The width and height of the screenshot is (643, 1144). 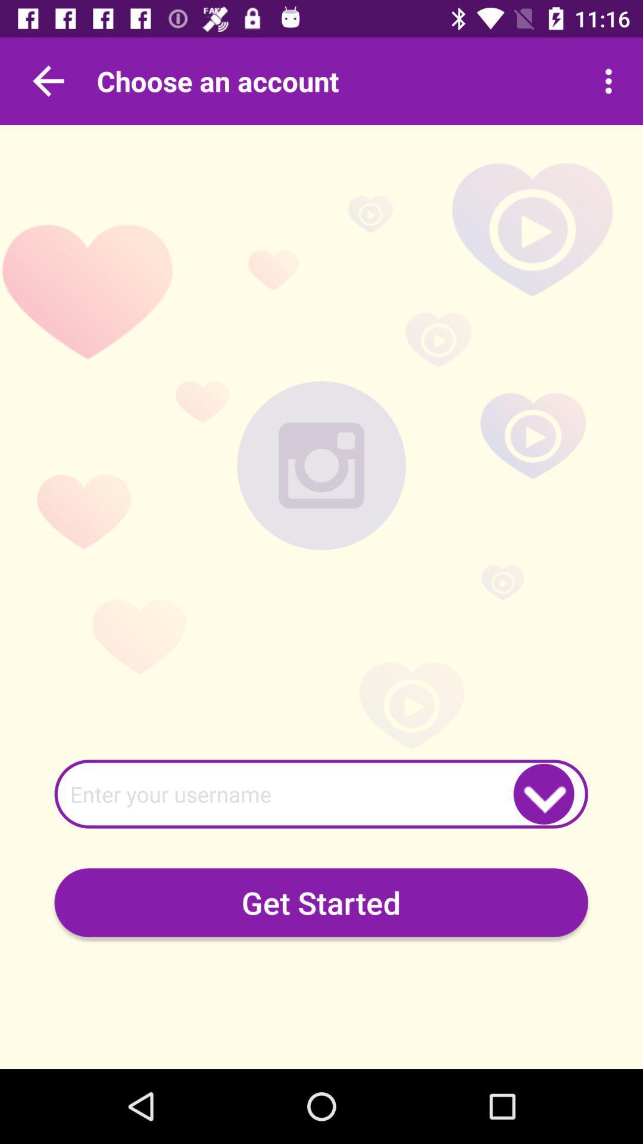 I want to click on go back, so click(x=48, y=80).